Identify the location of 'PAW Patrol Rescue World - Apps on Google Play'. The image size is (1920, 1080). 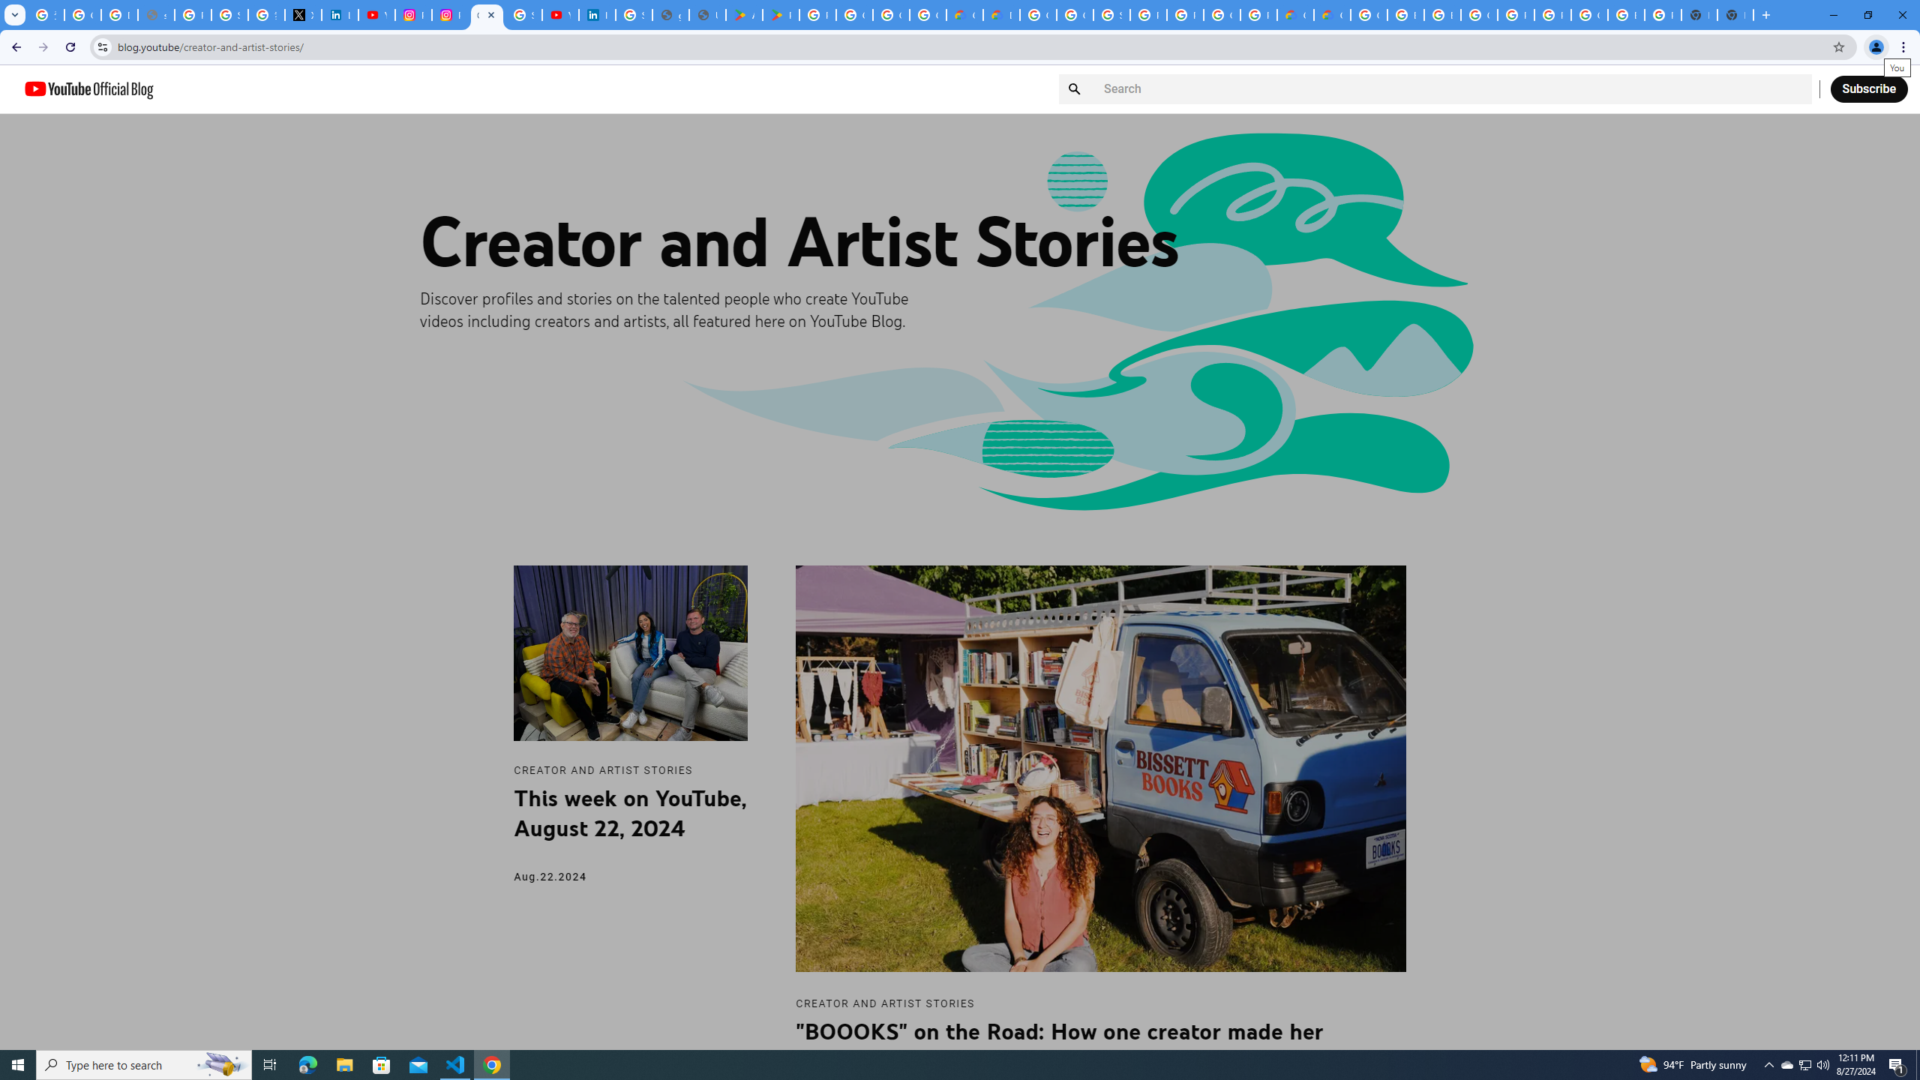
(780, 14).